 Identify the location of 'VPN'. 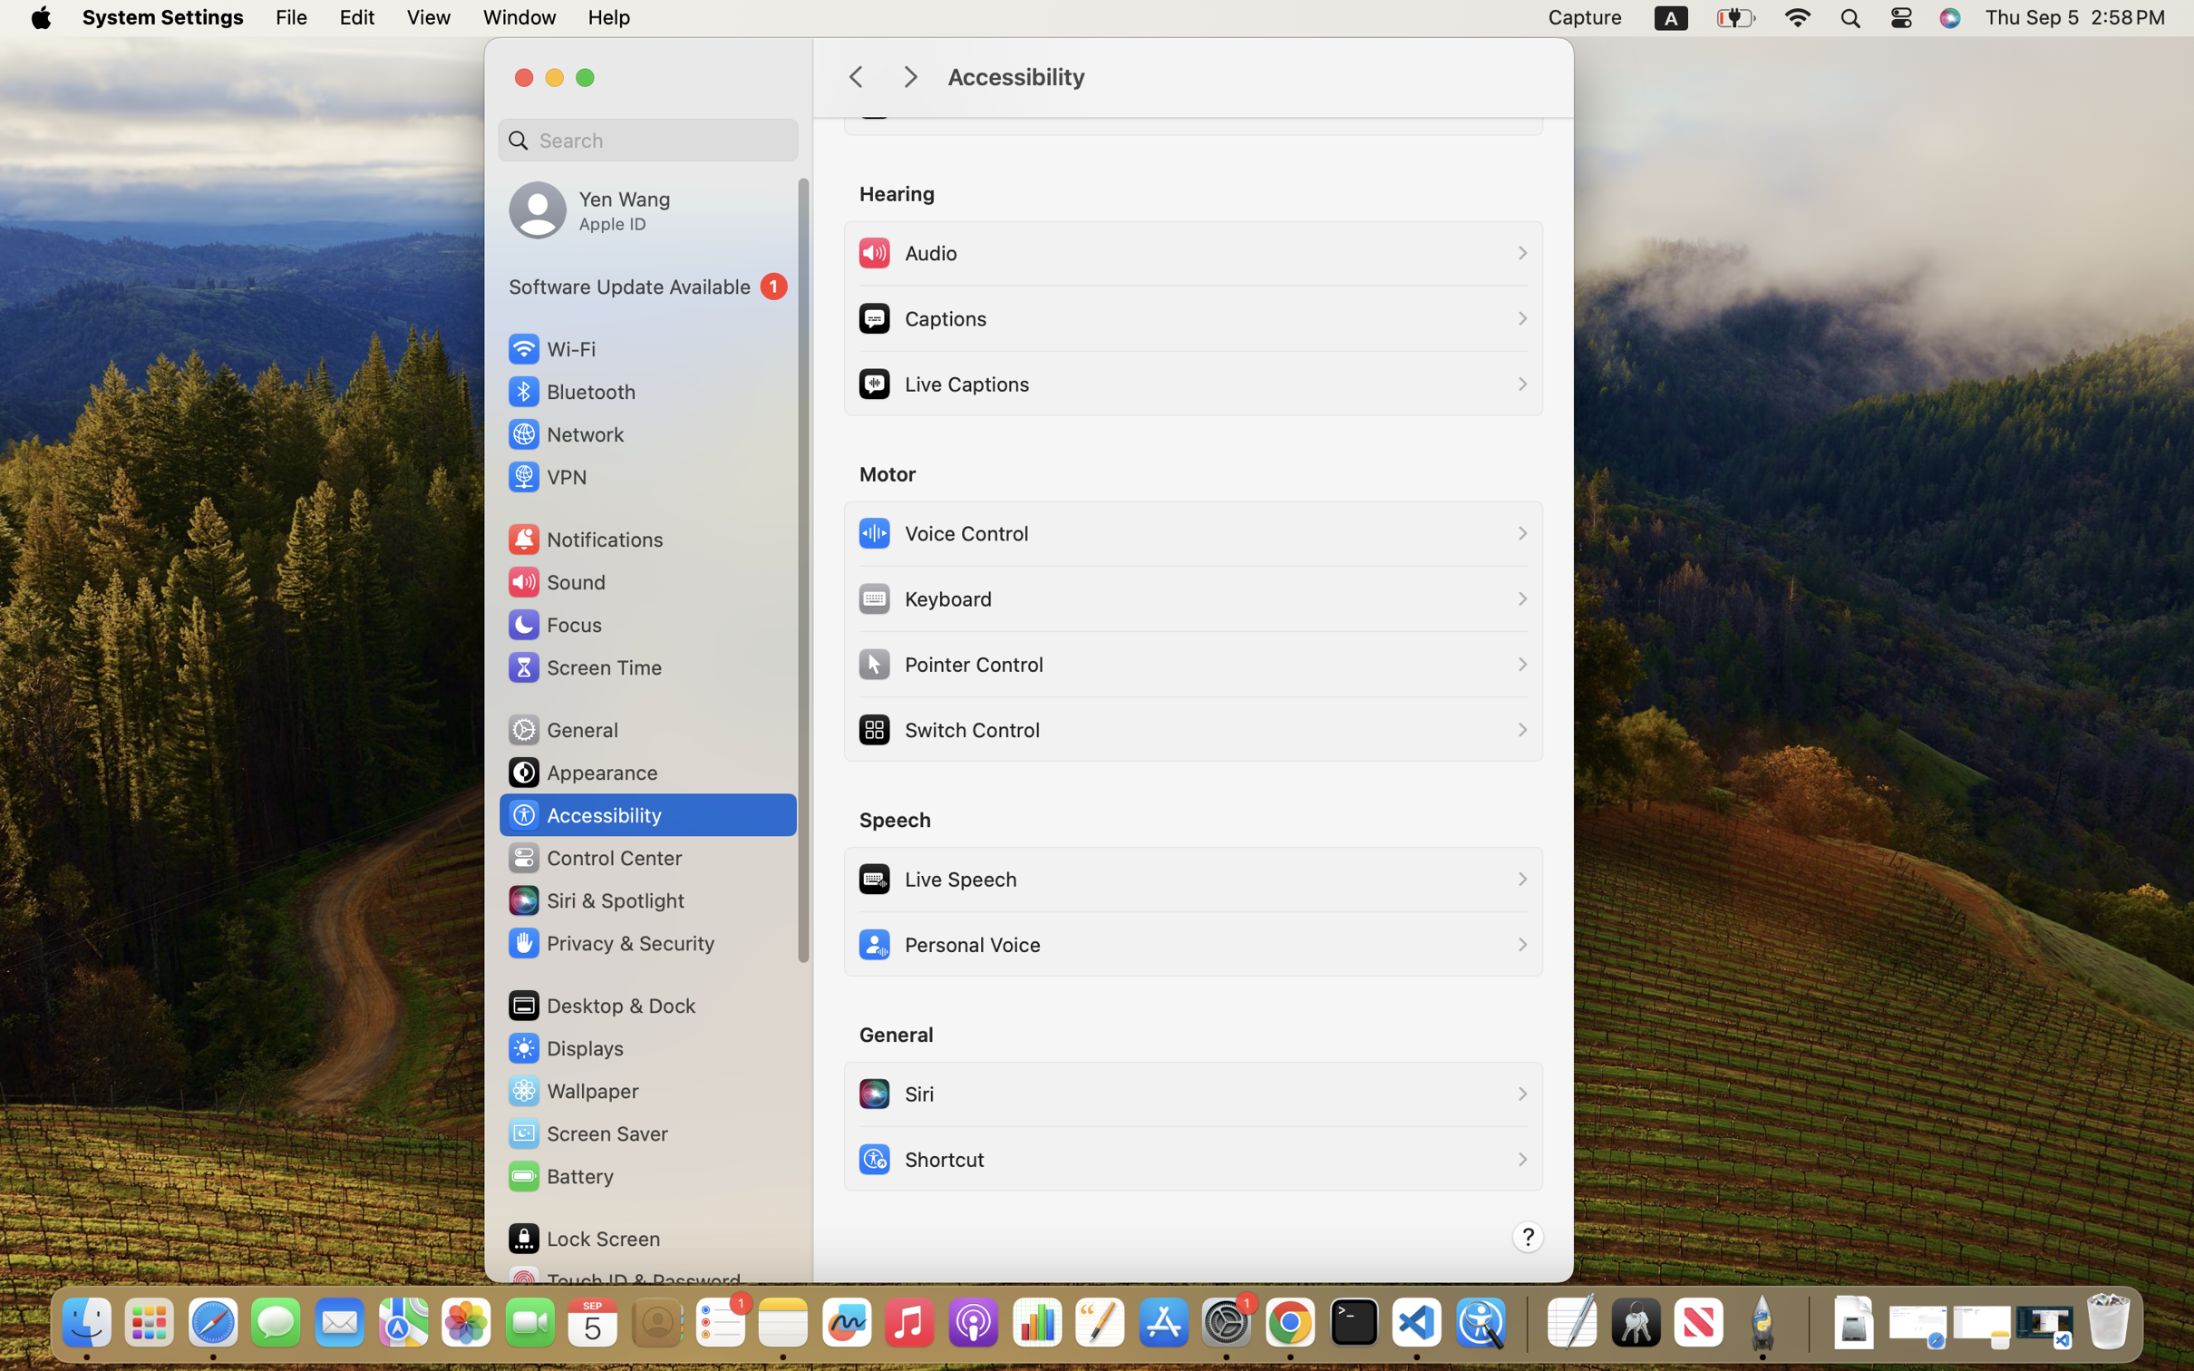
(546, 477).